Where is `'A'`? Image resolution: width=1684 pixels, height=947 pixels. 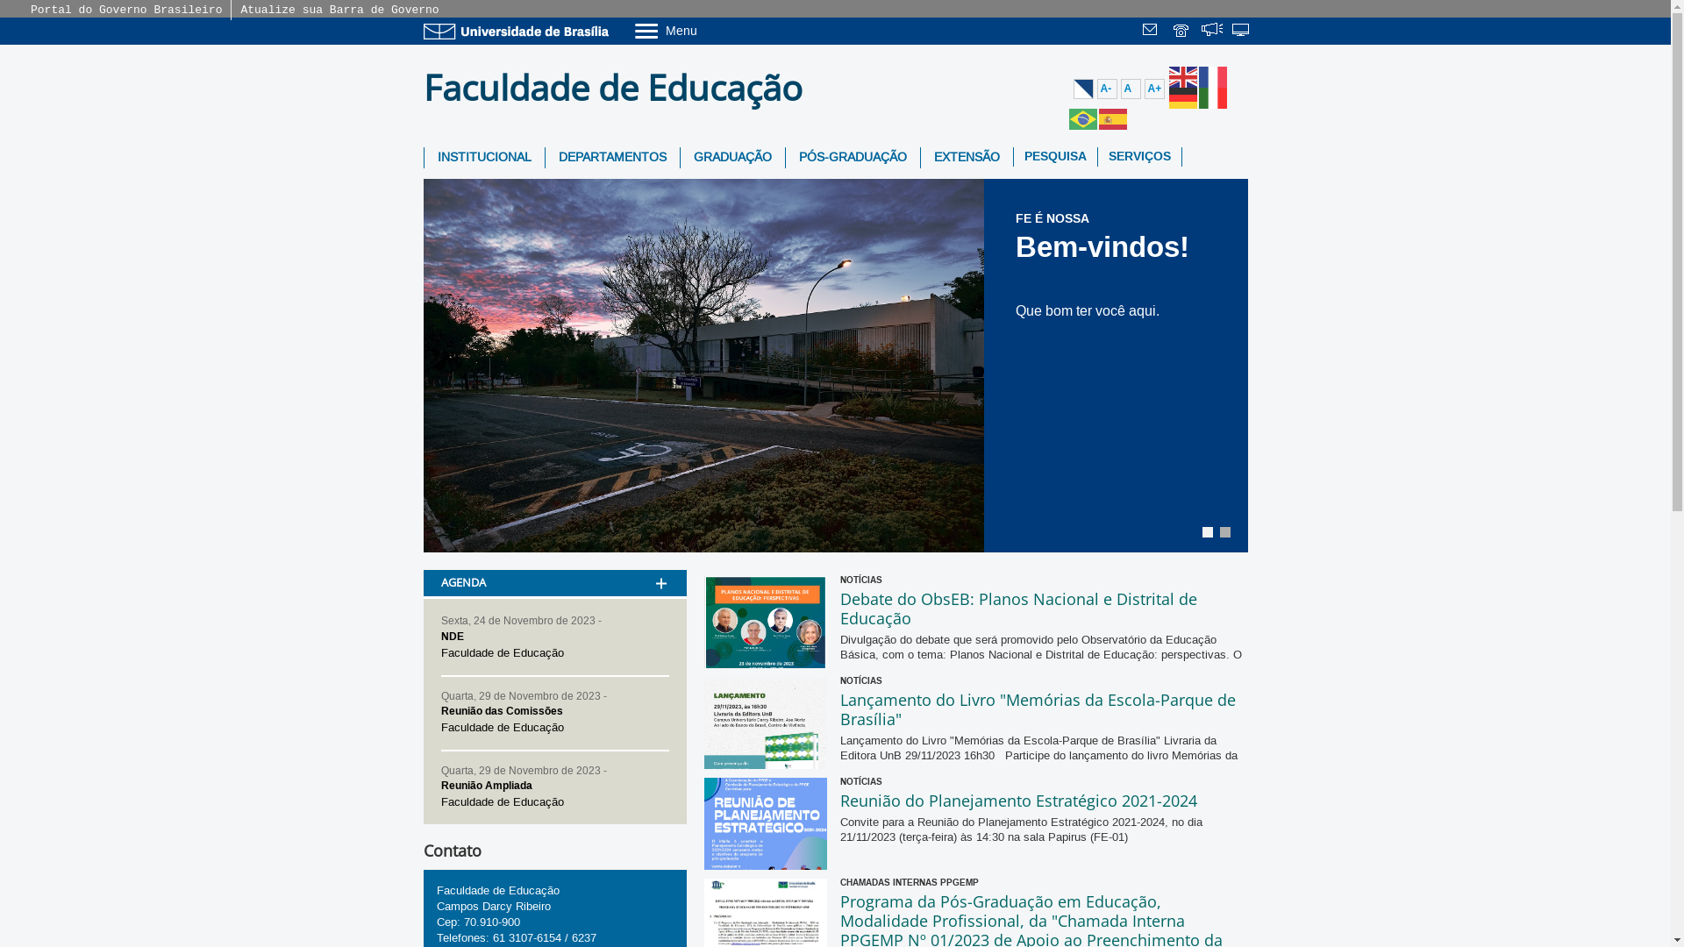
'A' is located at coordinates (1131, 89).